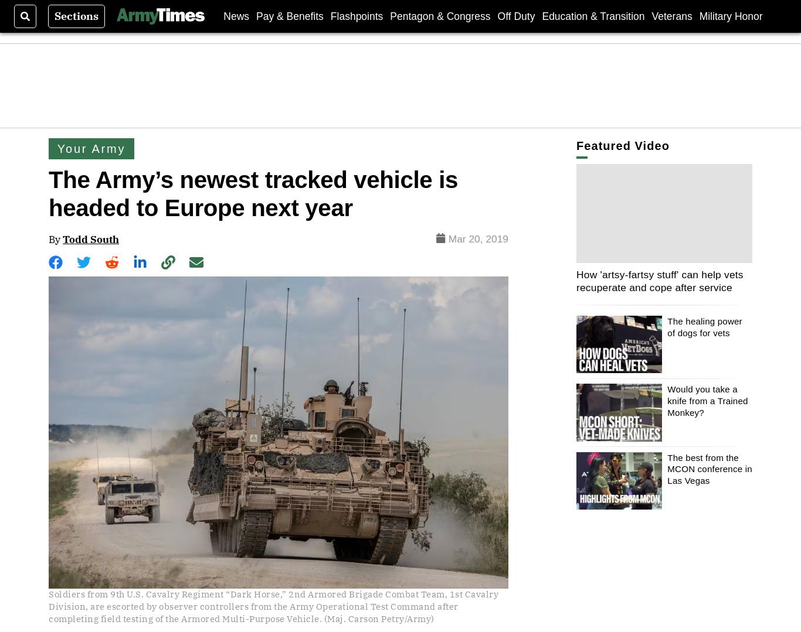  I want to click on 'Pay & Benefits', so click(289, 16).